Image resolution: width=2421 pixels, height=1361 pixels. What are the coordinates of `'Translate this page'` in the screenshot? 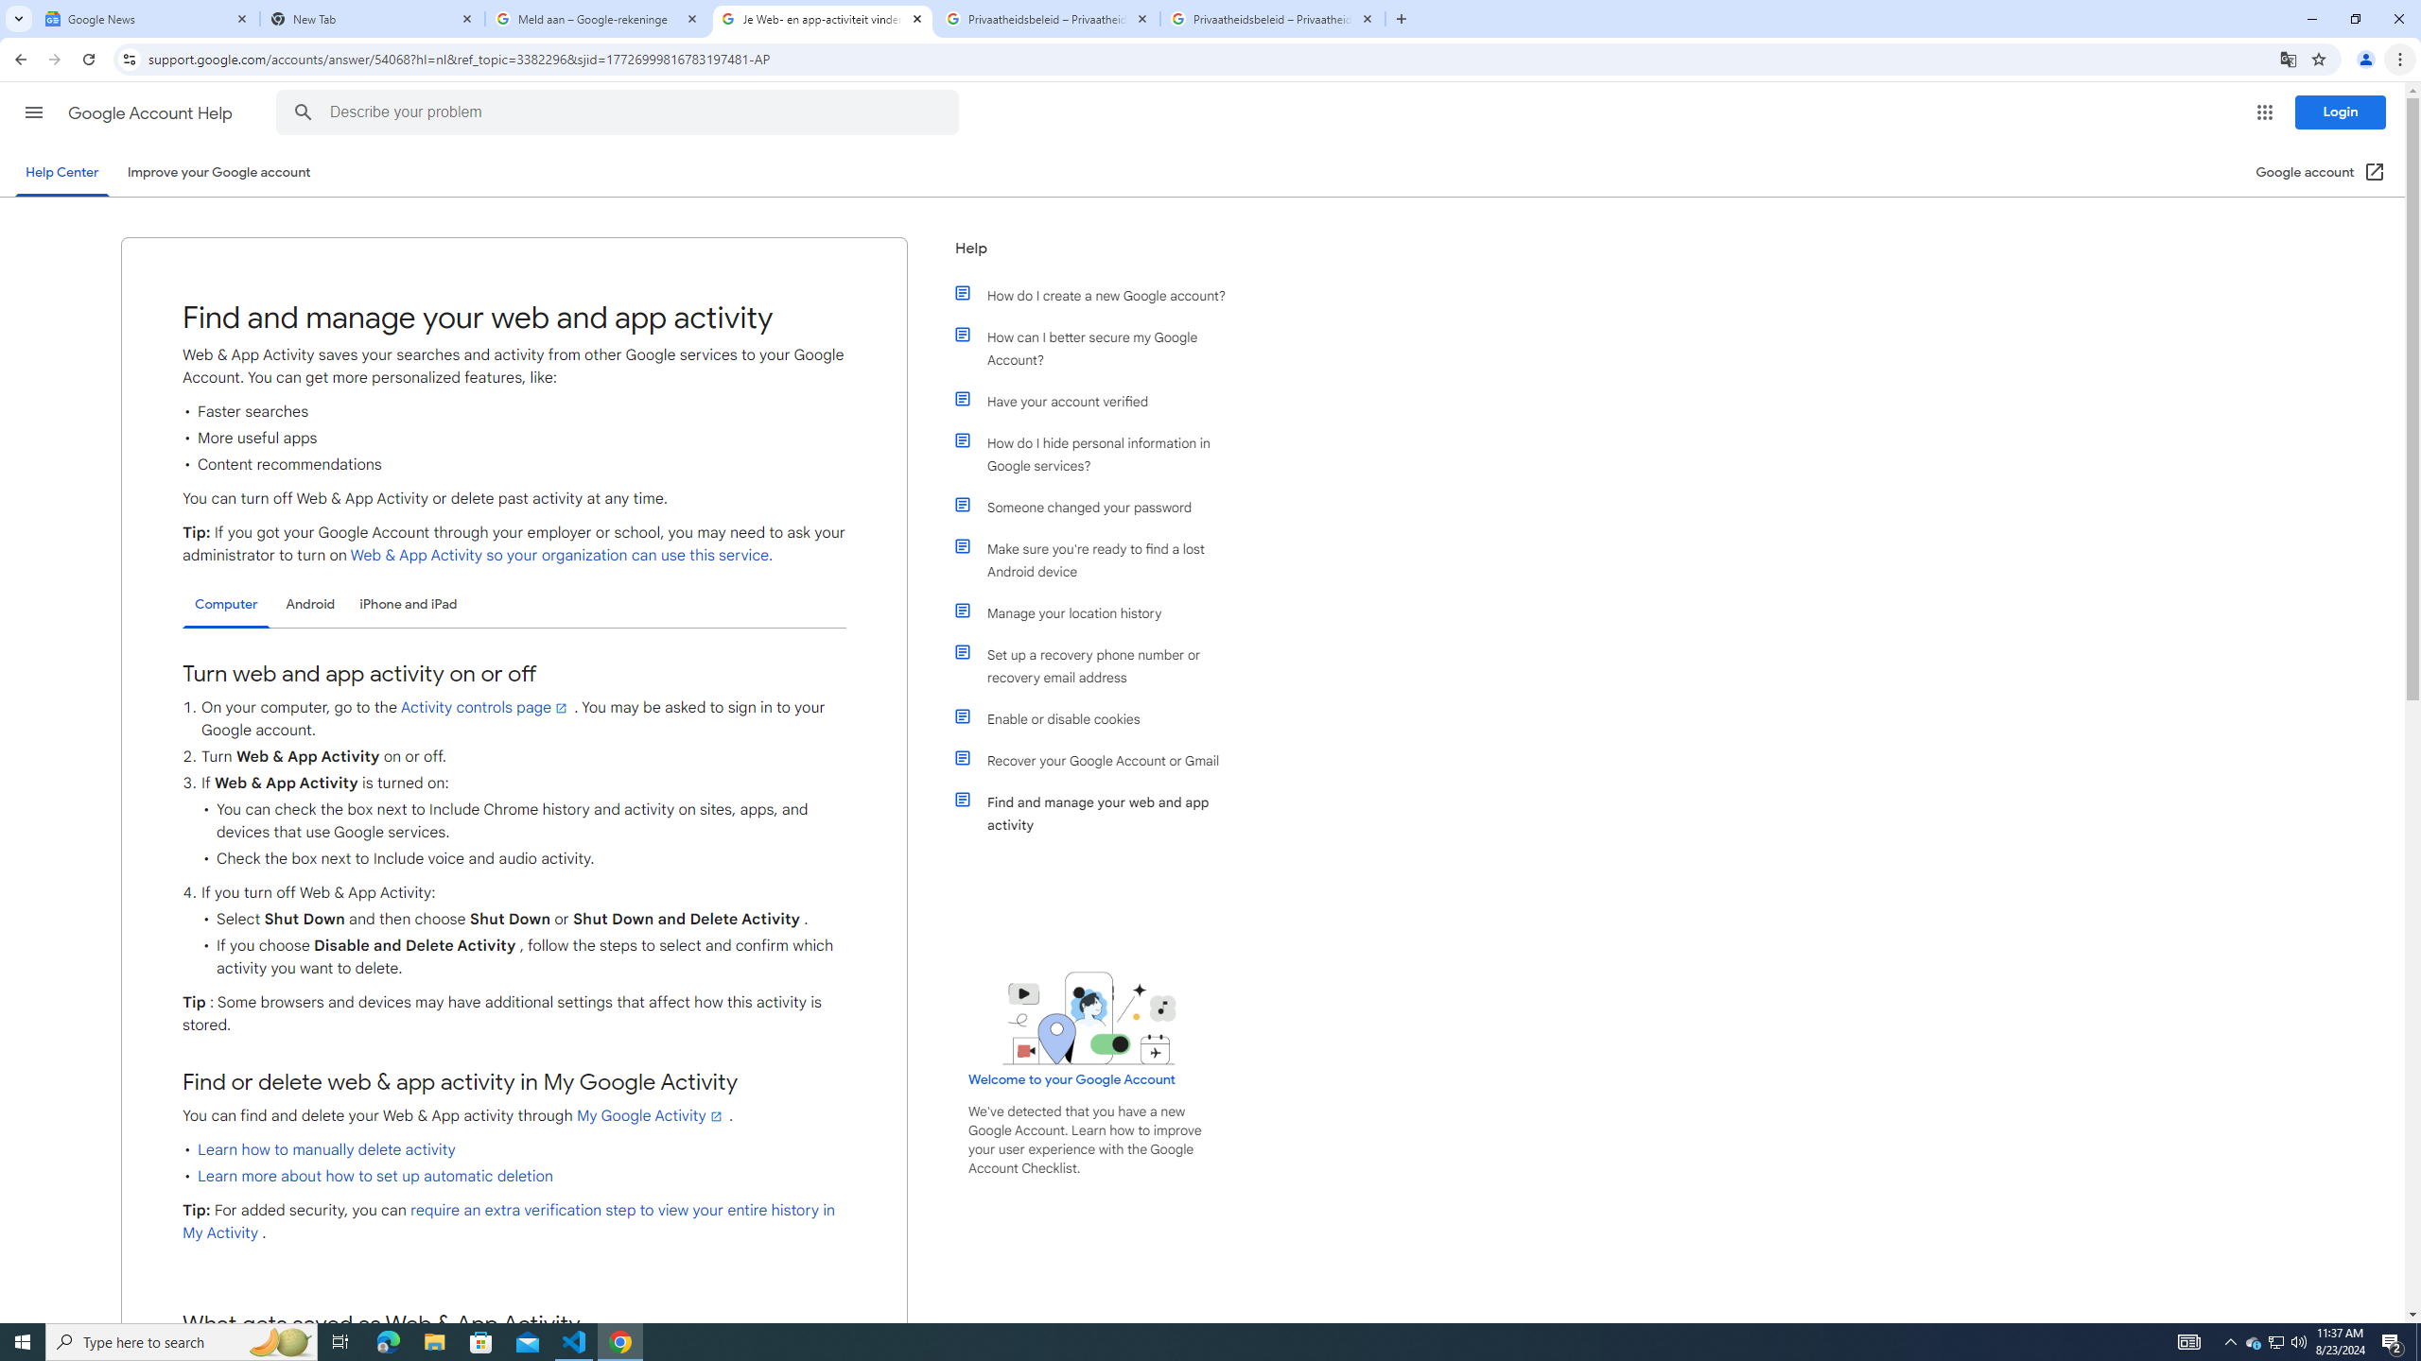 It's located at (2289, 58).